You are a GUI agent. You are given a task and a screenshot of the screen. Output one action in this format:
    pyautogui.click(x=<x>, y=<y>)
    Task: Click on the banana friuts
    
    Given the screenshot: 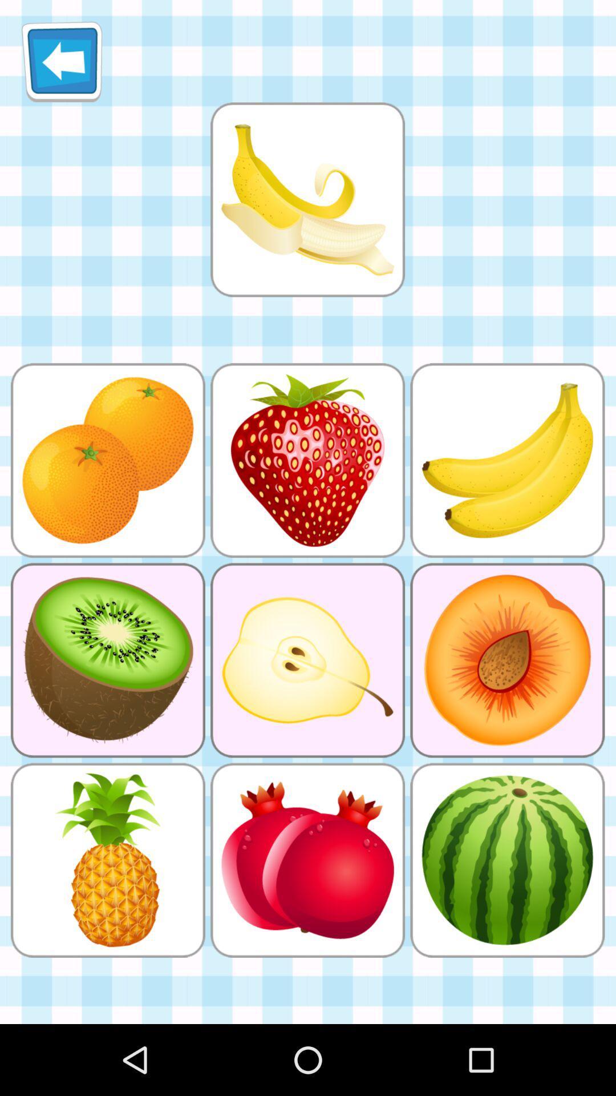 What is the action you would take?
    pyautogui.click(x=307, y=199)
    